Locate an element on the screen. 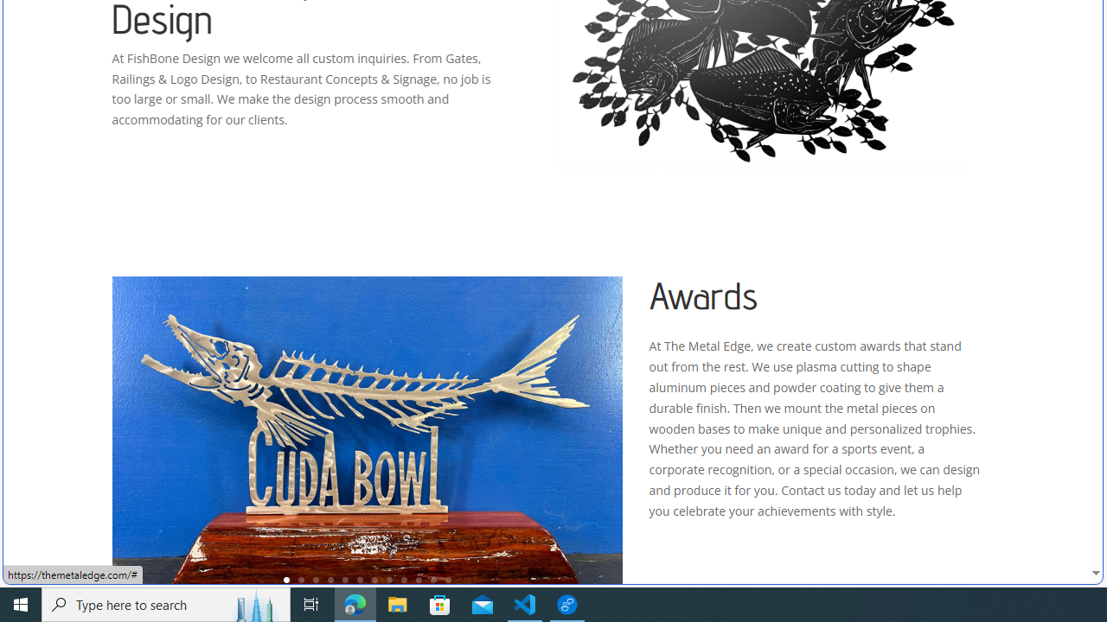 Image resolution: width=1107 pixels, height=622 pixels. '9' is located at coordinates (403, 580).